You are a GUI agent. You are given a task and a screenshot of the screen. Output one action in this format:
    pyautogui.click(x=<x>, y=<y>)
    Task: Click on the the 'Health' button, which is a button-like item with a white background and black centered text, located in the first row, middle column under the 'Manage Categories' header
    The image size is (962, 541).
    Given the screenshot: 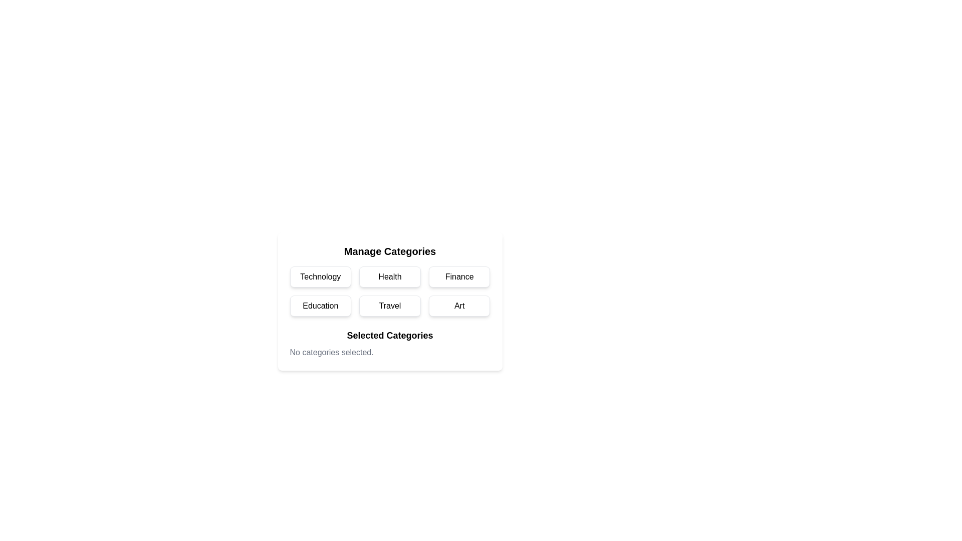 What is the action you would take?
    pyautogui.click(x=389, y=277)
    